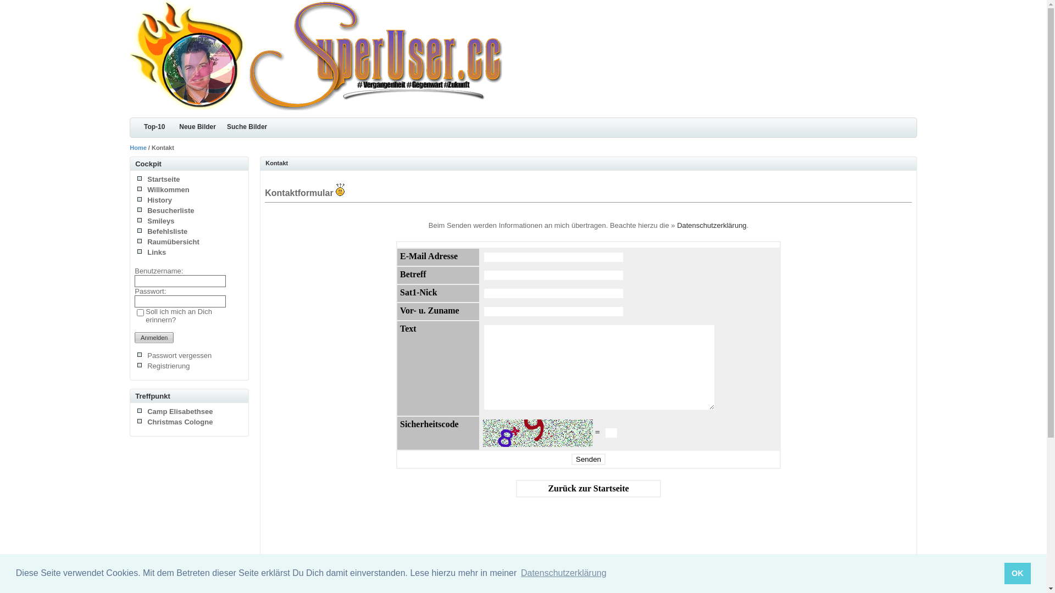  Describe the element at coordinates (197, 127) in the screenshot. I see `'Neue Bilder'` at that location.